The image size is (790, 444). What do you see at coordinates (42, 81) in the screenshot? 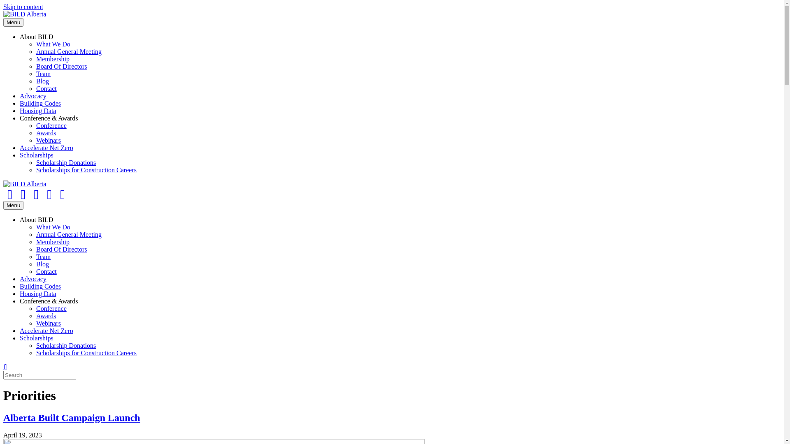
I see `'Blog'` at bounding box center [42, 81].